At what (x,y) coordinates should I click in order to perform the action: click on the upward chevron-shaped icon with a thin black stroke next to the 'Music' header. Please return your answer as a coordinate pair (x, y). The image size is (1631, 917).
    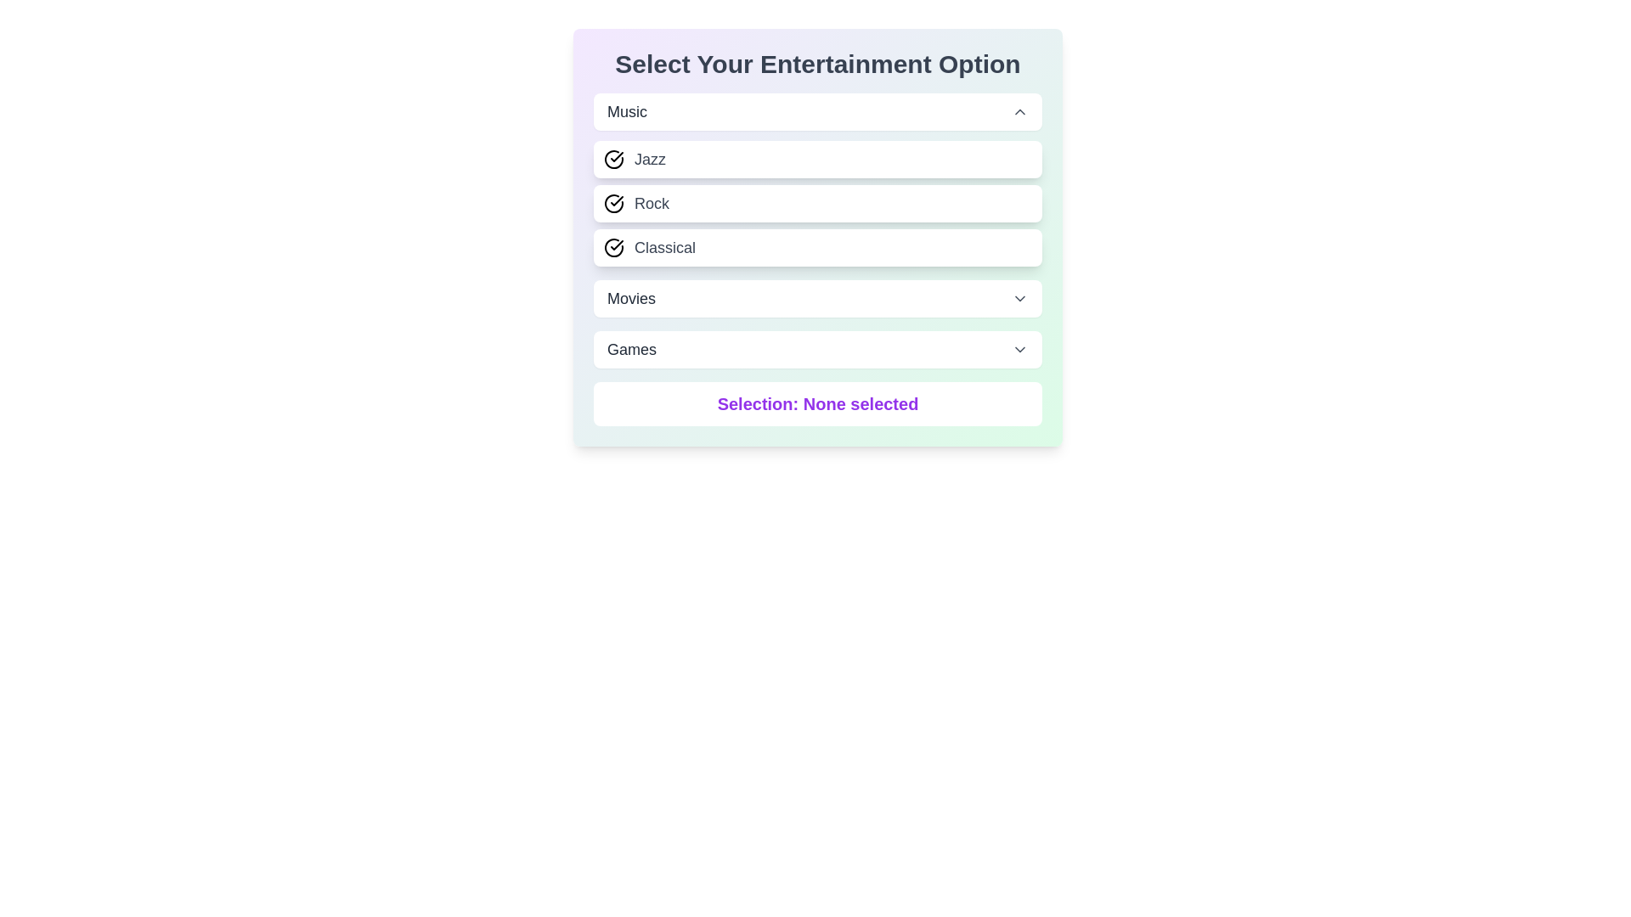
    Looking at the image, I should click on (1019, 111).